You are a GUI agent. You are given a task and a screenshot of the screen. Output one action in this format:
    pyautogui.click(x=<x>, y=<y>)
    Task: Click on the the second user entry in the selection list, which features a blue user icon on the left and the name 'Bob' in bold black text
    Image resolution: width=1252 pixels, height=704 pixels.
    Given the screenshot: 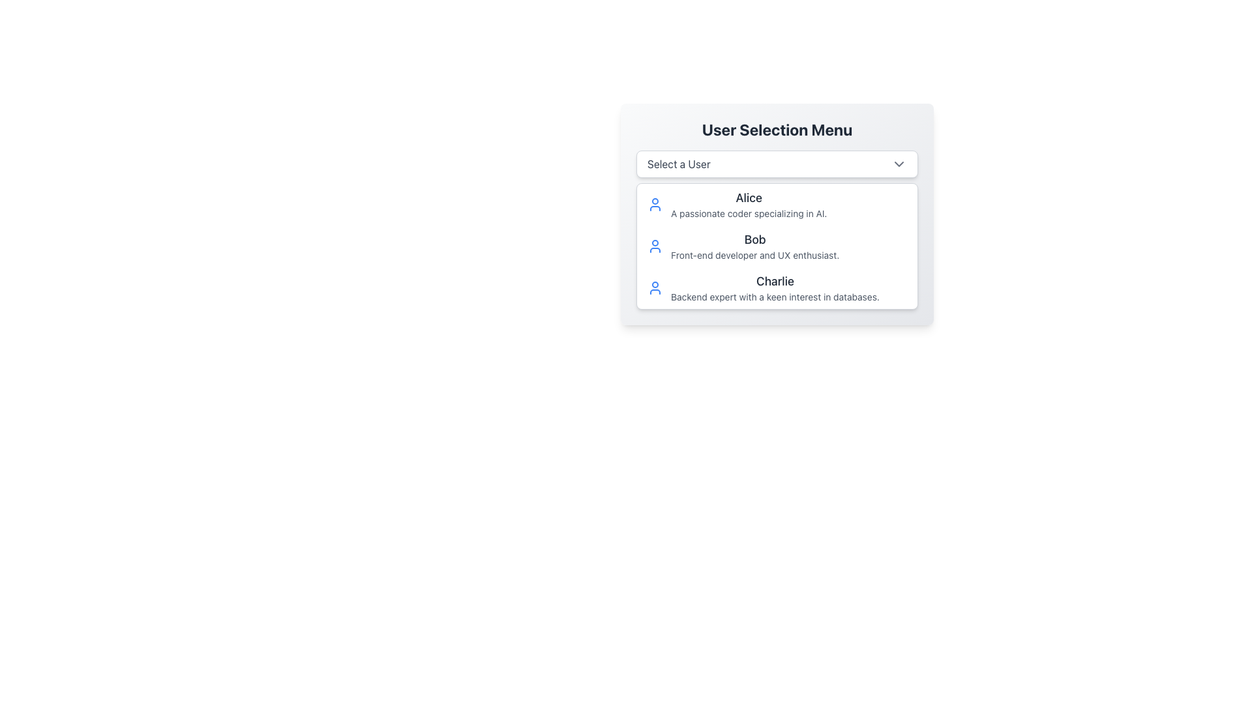 What is the action you would take?
    pyautogui.click(x=777, y=246)
    